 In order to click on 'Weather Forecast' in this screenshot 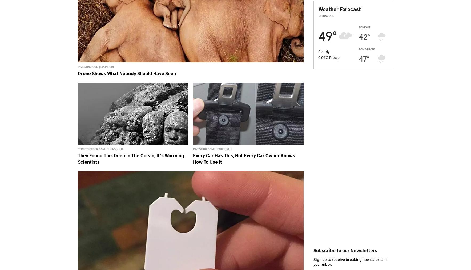, I will do `click(339, 9)`.